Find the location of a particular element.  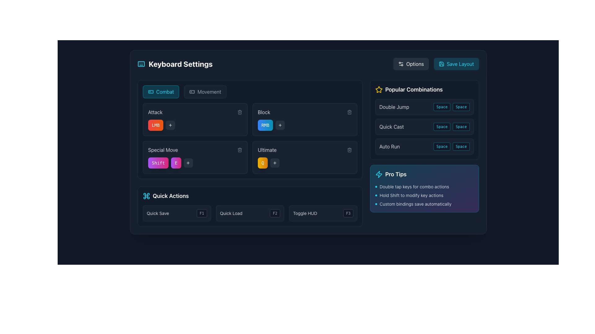

the floppy disk icon, which is cyan and located inside the 'Save Layout' button, positioned to the left of the text is located at coordinates (441, 64).